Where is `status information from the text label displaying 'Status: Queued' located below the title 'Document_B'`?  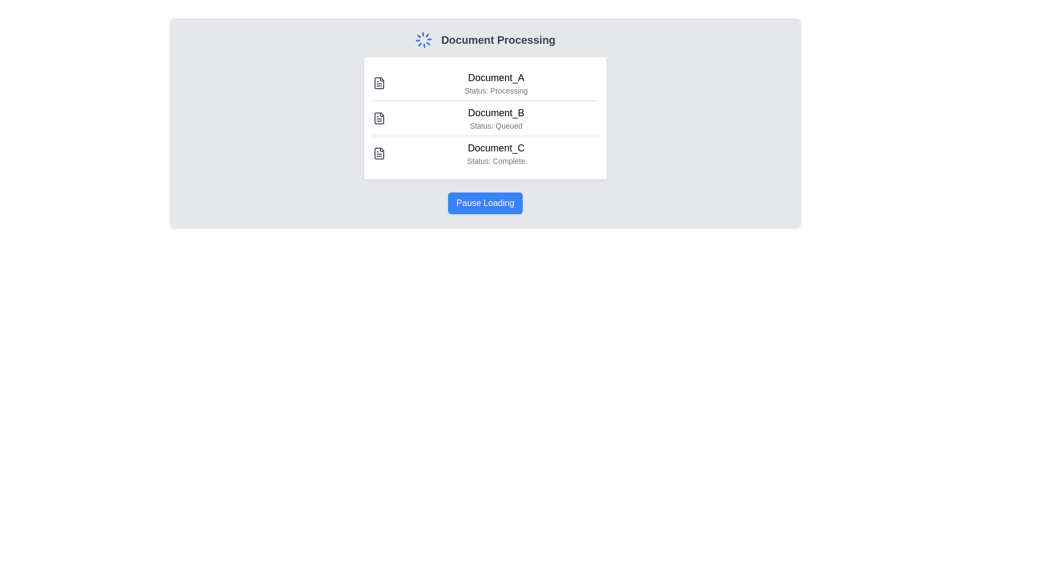
status information from the text label displaying 'Status: Queued' located below the title 'Document_B' is located at coordinates (495, 125).